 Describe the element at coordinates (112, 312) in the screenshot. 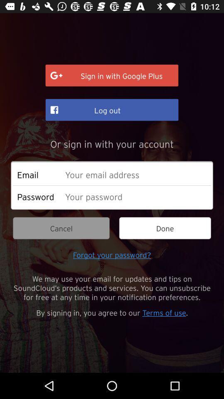

I see `the item below we may use icon` at that location.